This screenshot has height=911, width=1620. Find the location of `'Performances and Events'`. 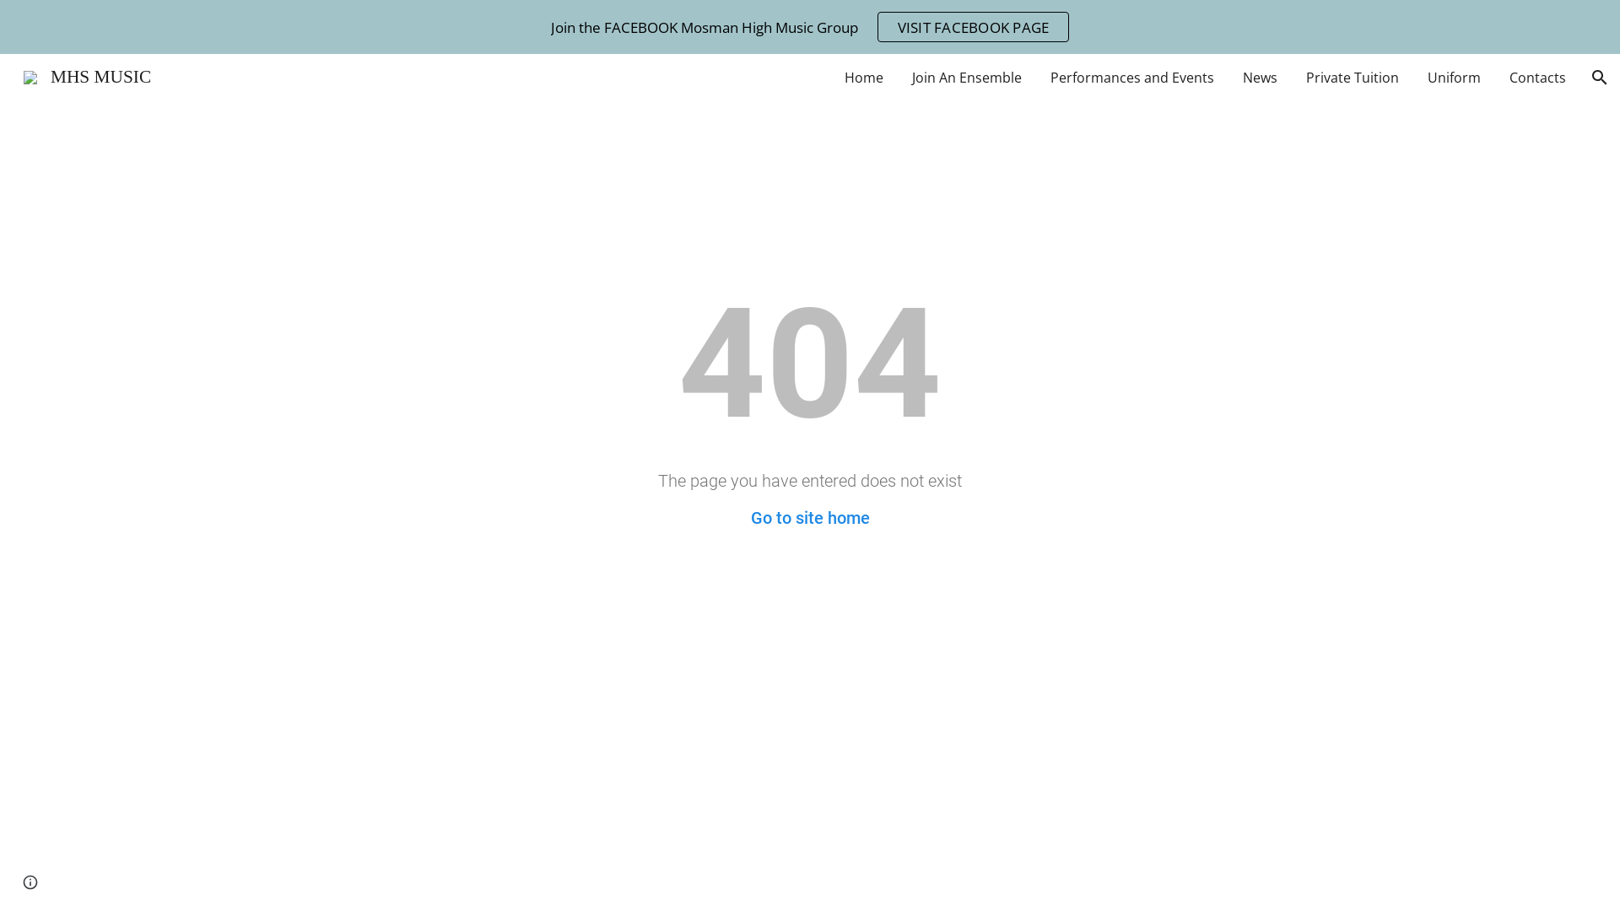

'Performances and Events' is located at coordinates (1132, 78).